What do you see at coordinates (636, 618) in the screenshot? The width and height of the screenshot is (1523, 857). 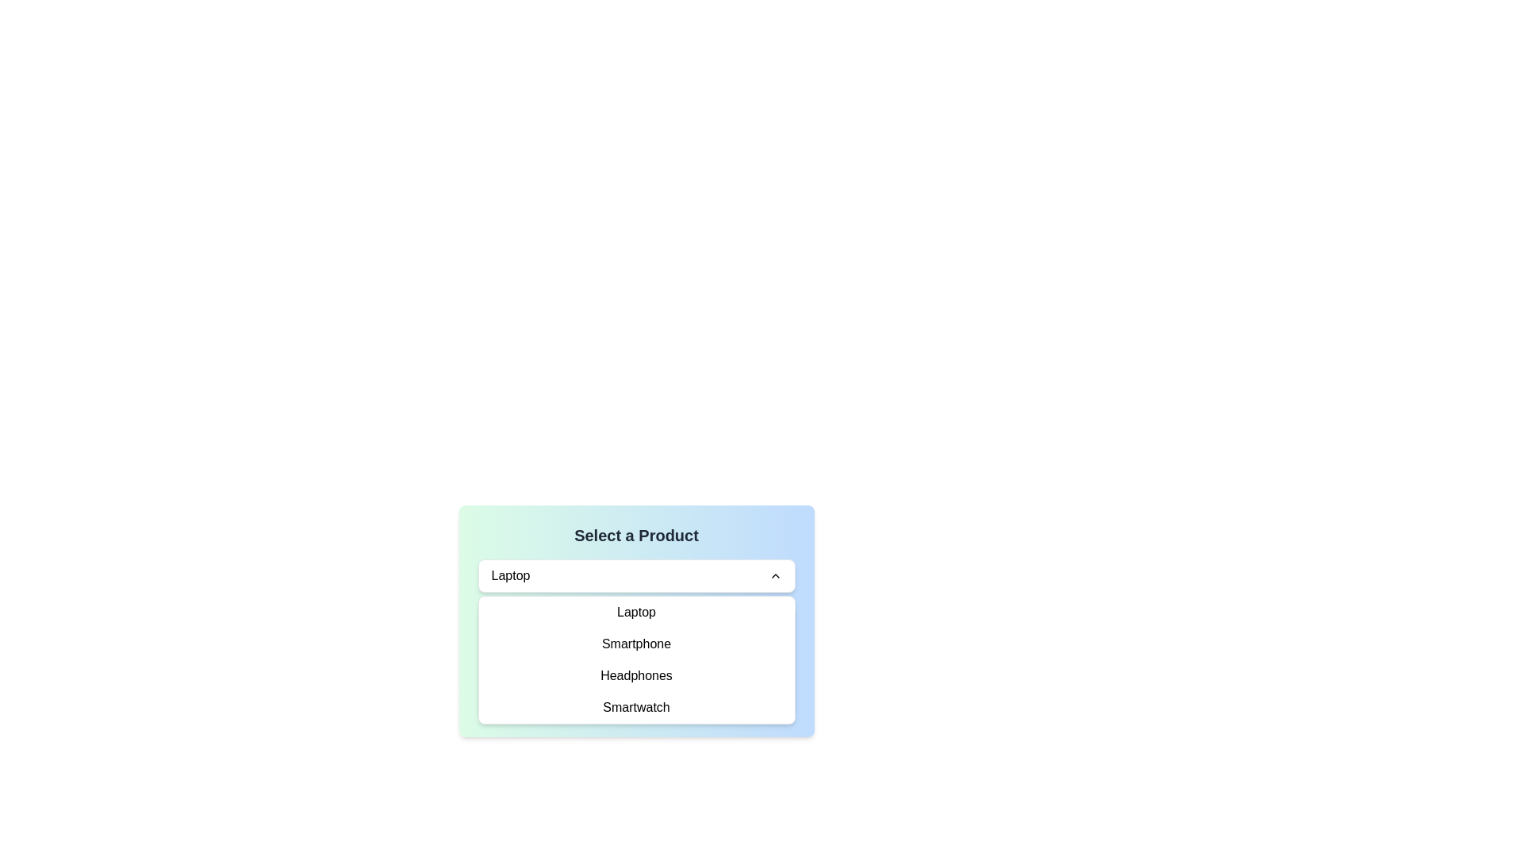 I see `the 'Laptop' option in the dropdown menu` at bounding box center [636, 618].